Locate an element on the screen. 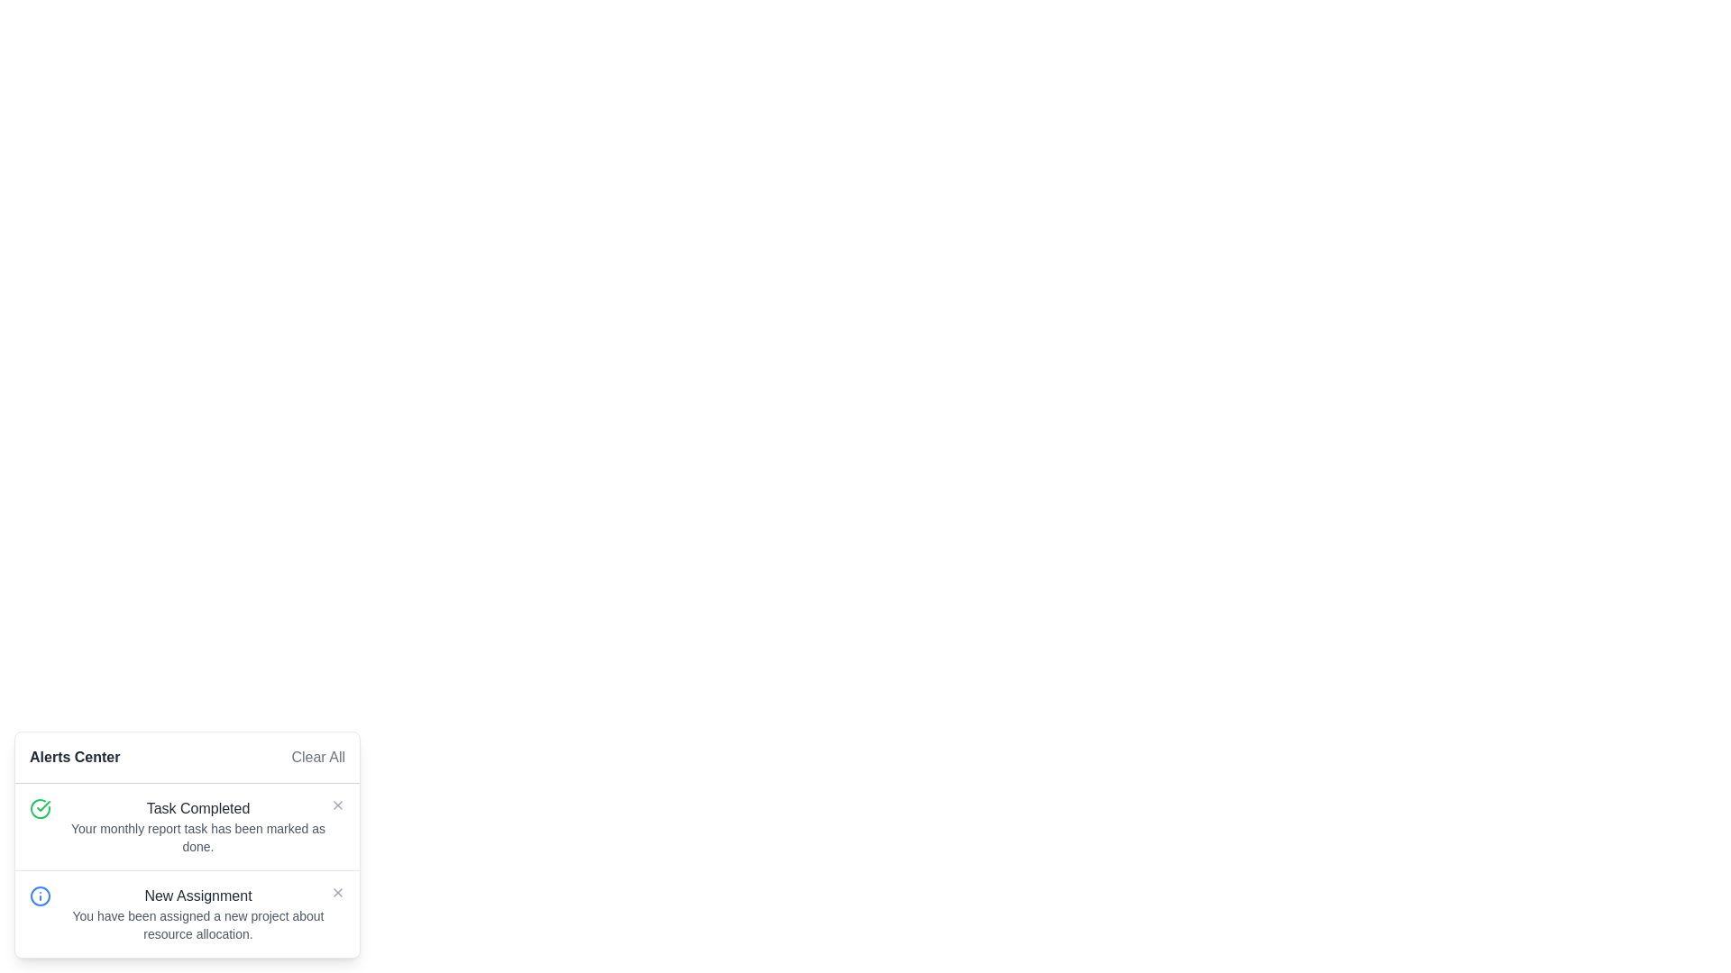 The image size is (1731, 973). the close button of the 'Task Completed' notification to observe the hover effect is located at coordinates (337, 805).